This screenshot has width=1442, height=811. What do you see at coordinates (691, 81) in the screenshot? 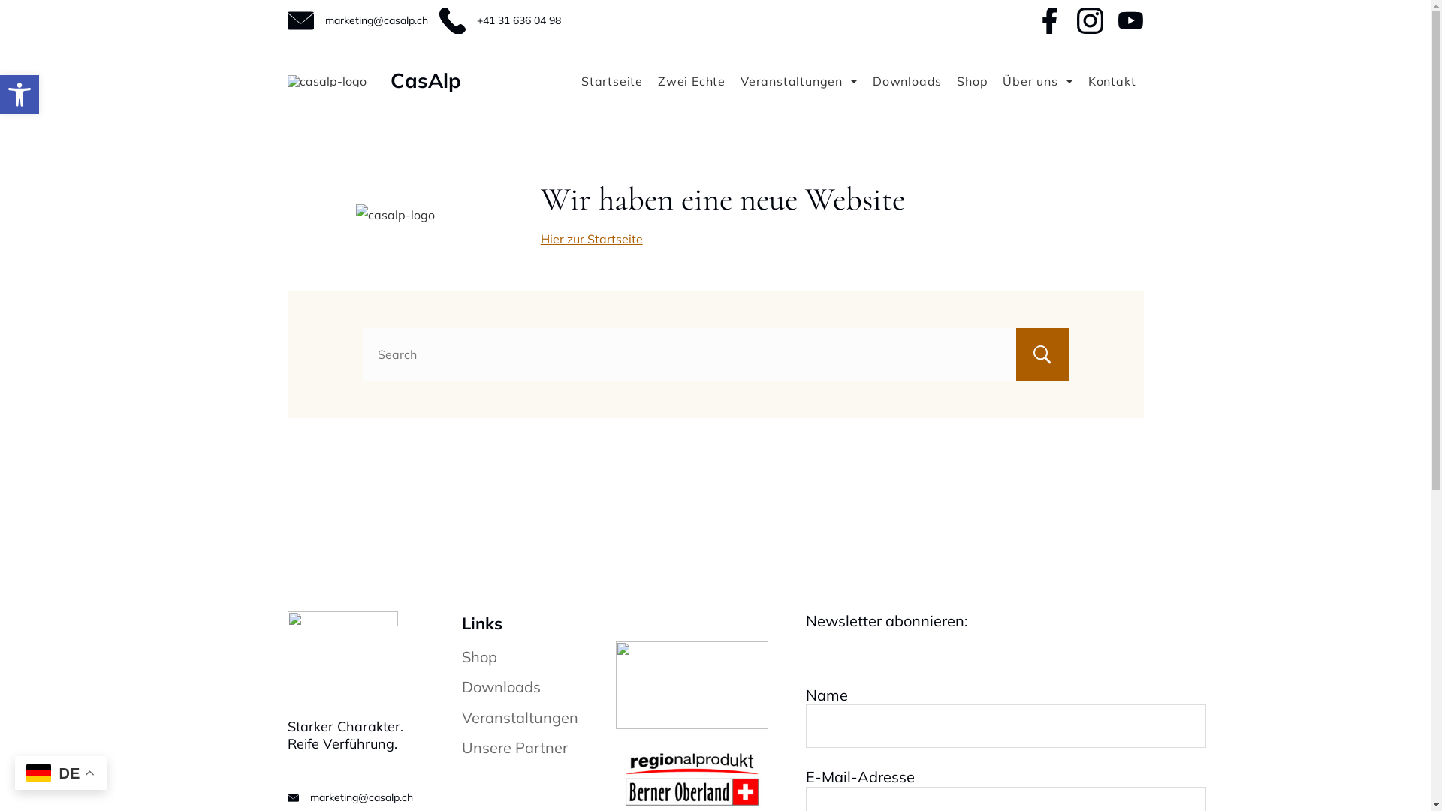
I see `'Zwei Echte'` at bounding box center [691, 81].